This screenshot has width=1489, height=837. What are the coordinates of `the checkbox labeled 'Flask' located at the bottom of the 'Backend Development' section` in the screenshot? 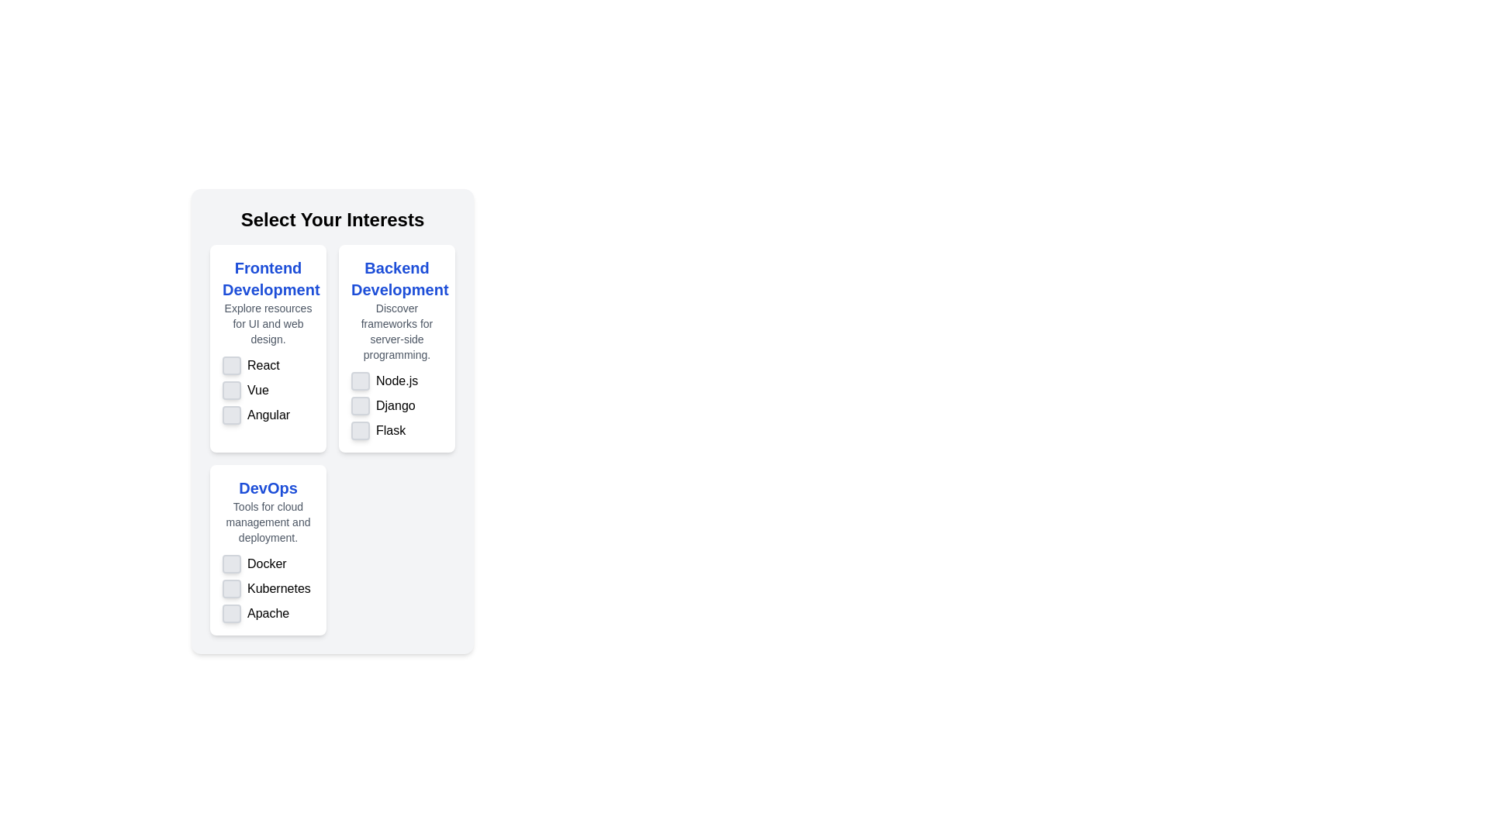 It's located at (360, 430).